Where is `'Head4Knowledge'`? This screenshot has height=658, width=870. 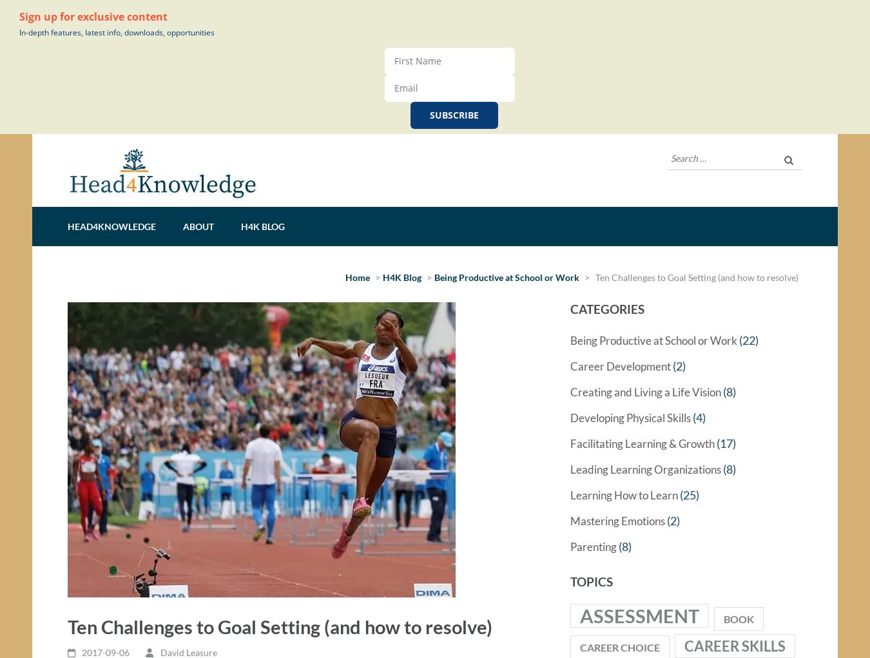
'Head4Knowledge' is located at coordinates (67, 214).